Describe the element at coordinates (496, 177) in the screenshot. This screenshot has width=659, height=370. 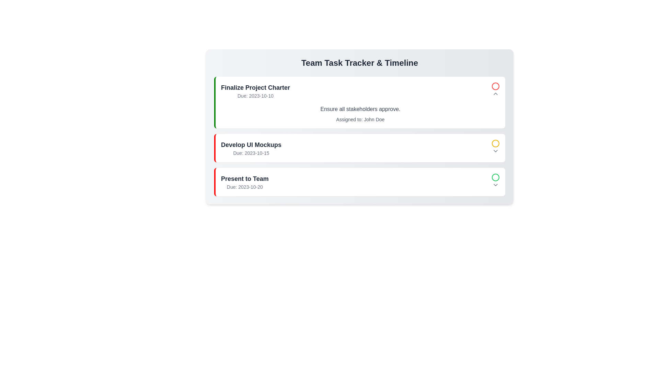
I see `the Circular SVG shape that serves as a status or progress indicator in the upper-right corner of the third task card` at that location.